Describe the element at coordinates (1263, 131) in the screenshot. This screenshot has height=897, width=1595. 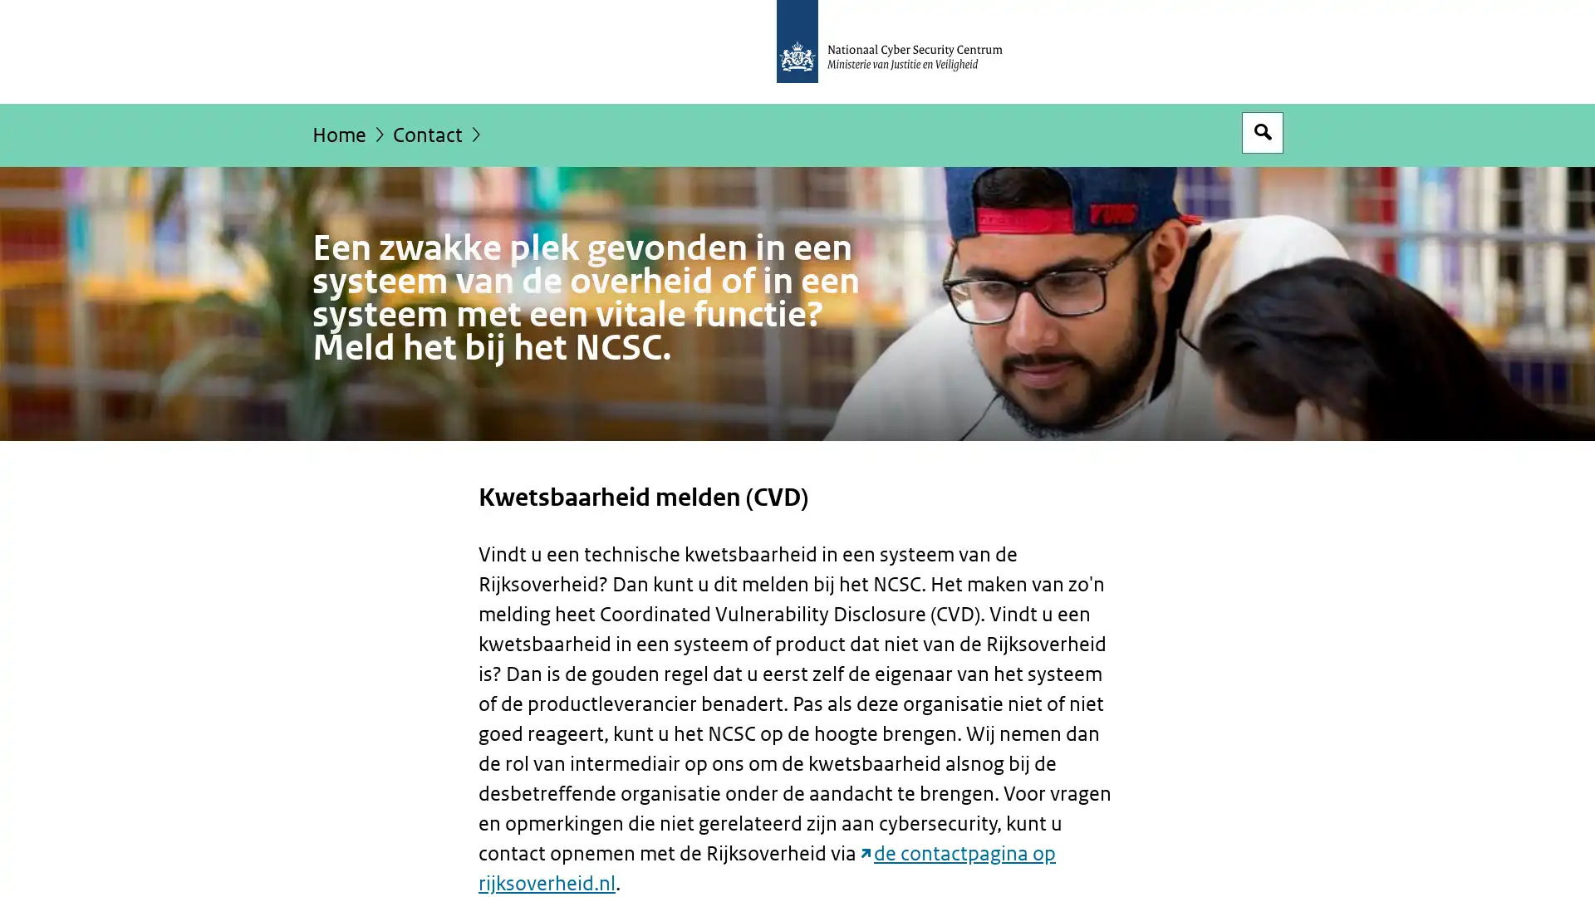
I see `Open zoekveld` at that location.